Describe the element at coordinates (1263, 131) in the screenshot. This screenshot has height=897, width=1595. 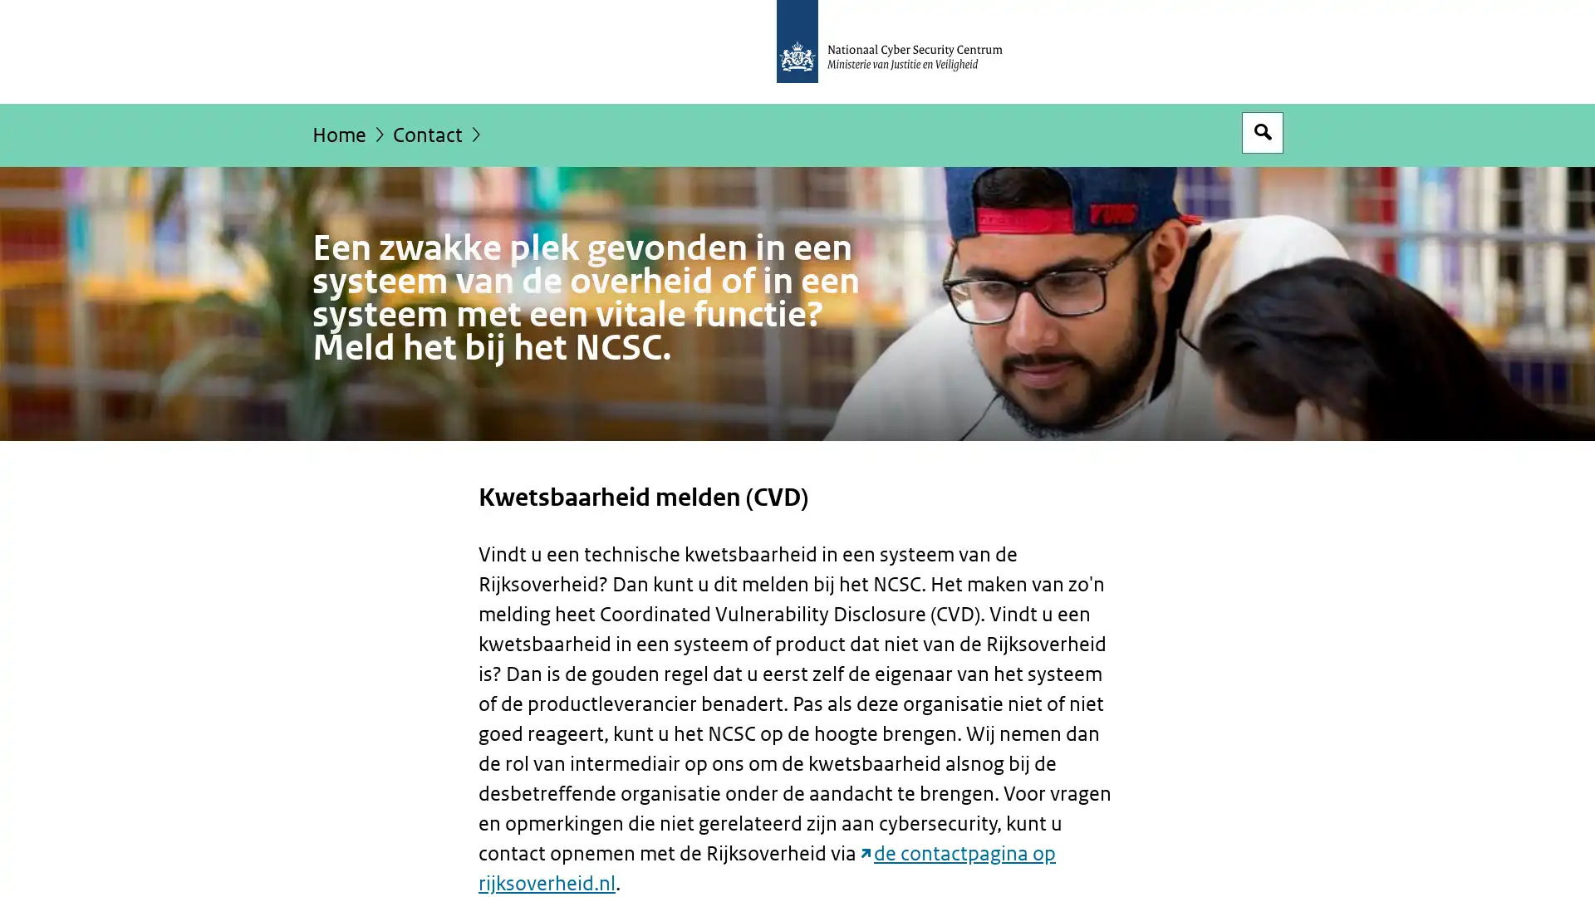
I see `Open zoekveld` at that location.